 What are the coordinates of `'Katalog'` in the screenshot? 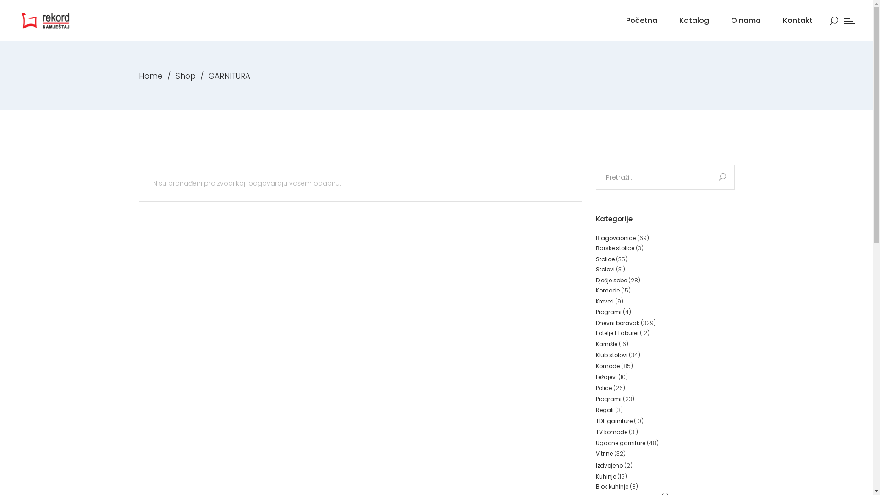 It's located at (694, 21).